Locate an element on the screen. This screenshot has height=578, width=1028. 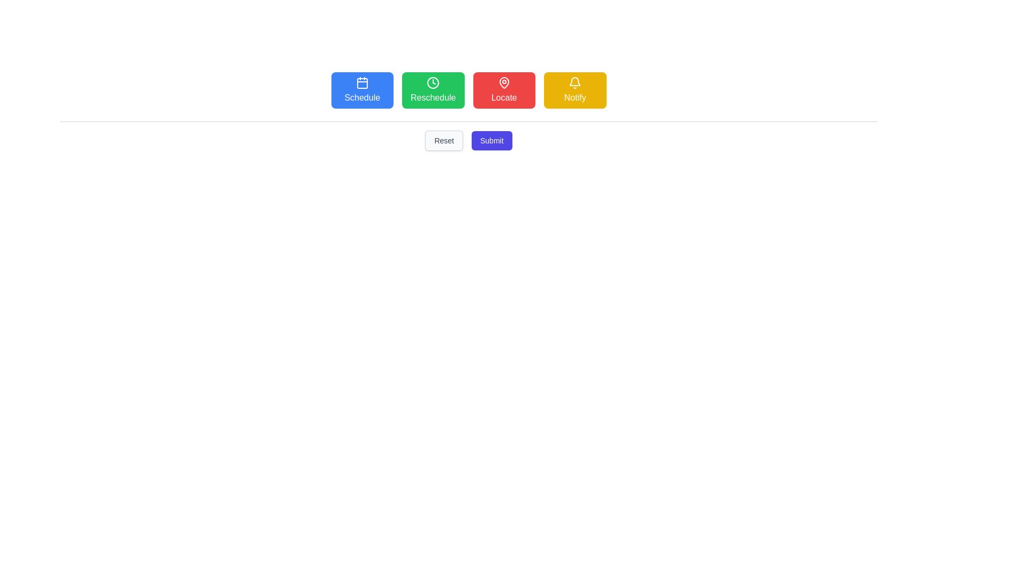
the 'Reset' button is located at coordinates (444, 140).